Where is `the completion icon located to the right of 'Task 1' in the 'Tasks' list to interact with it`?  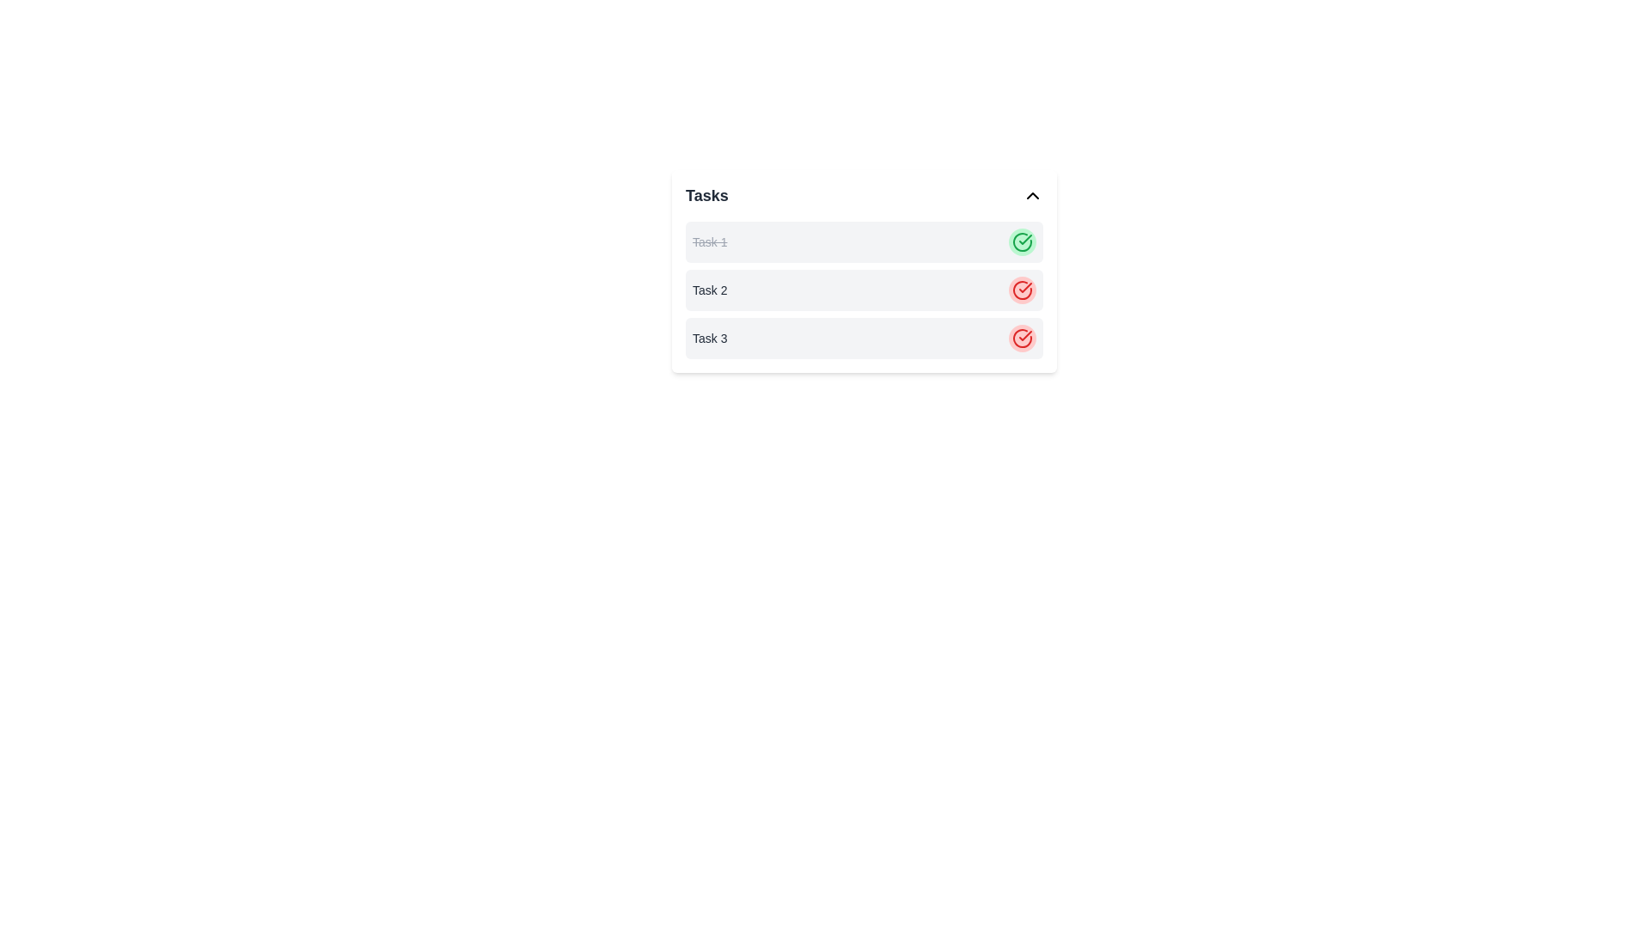 the completion icon located to the right of 'Task 1' in the 'Tasks' list to interact with it is located at coordinates (1023, 241).